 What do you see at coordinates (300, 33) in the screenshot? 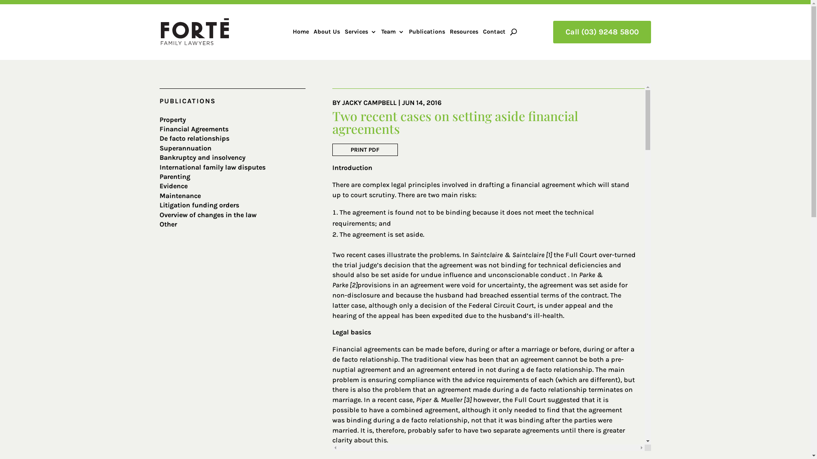
I see `'Home'` at bounding box center [300, 33].